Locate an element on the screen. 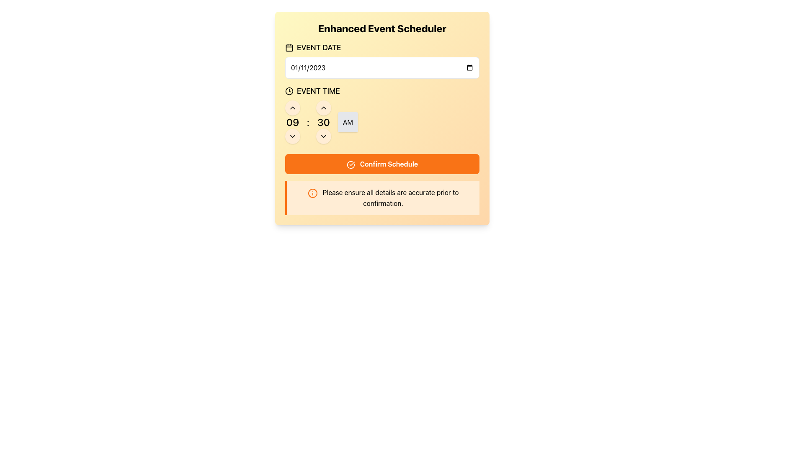 The width and height of the screenshot is (804, 452). the clock icon located to the immediate left of the 'EVENT TIME' label in the scheduler interface is located at coordinates (289, 91).